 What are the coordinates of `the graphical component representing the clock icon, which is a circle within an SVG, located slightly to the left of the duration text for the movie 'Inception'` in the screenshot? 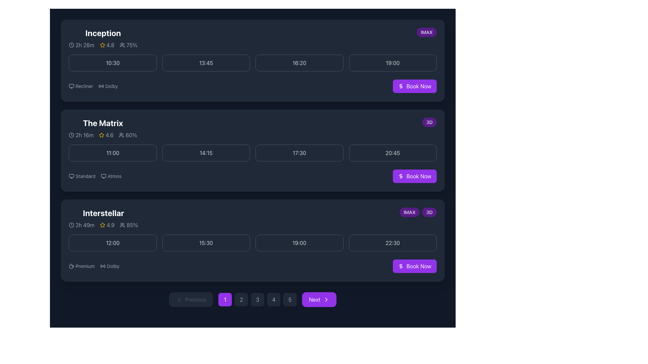 It's located at (71, 45).